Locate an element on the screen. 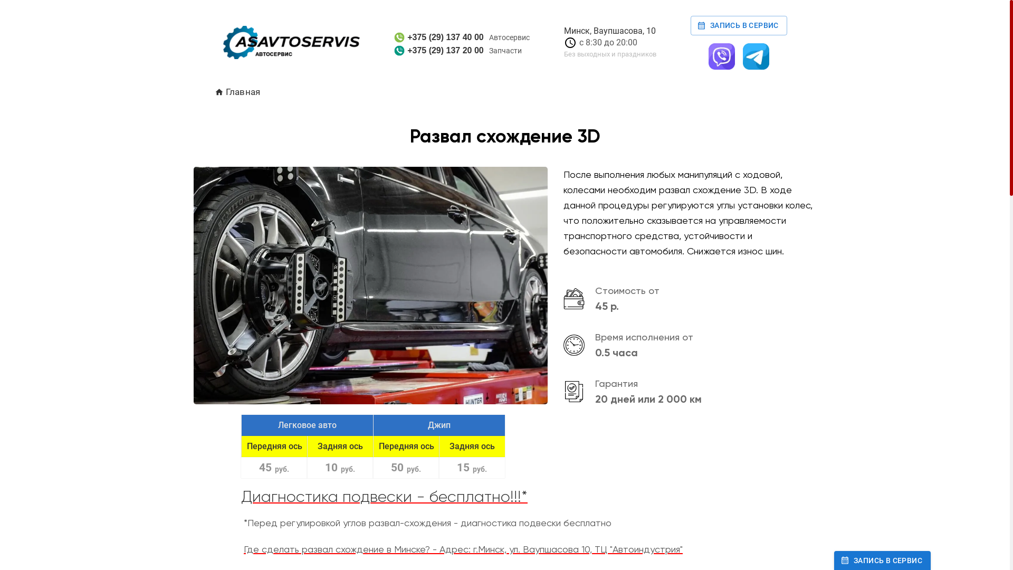  '+375 (29) 137 20 00' is located at coordinates (438, 51).